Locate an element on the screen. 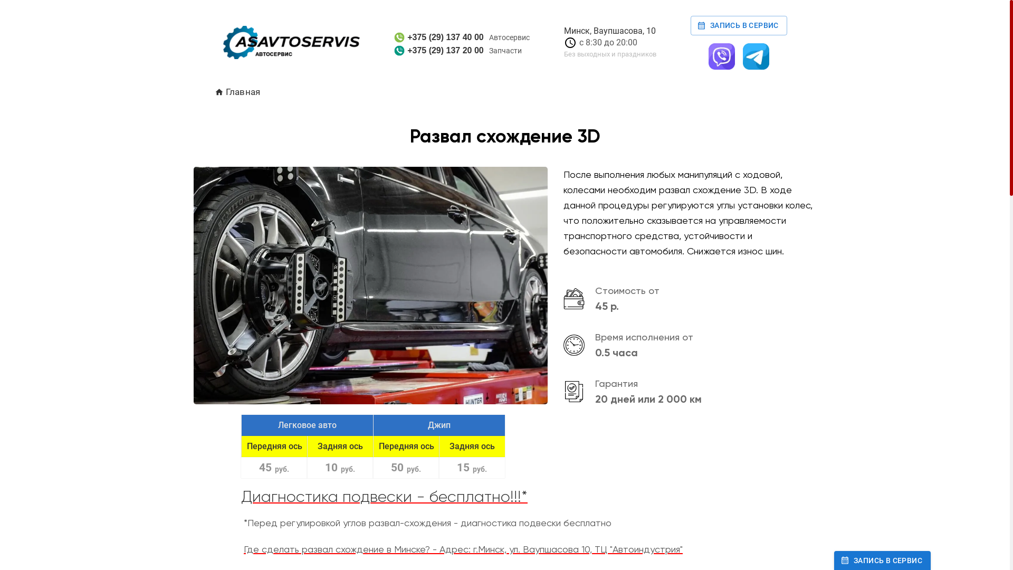  '+375 (29) 137 20 00' is located at coordinates (438, 51).